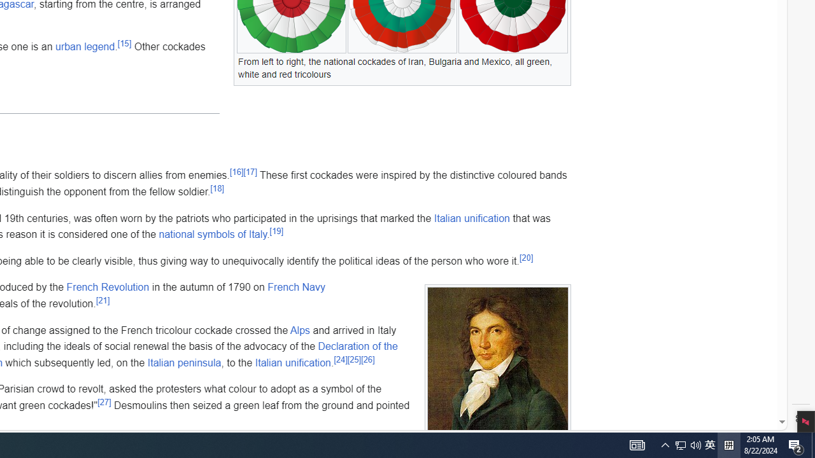 Image resolution: width=815 pixels, height=458 pixels. Describe the element at coordinates (183, 362) in the screenshot. I see `'Italian peninsula'` at that location.